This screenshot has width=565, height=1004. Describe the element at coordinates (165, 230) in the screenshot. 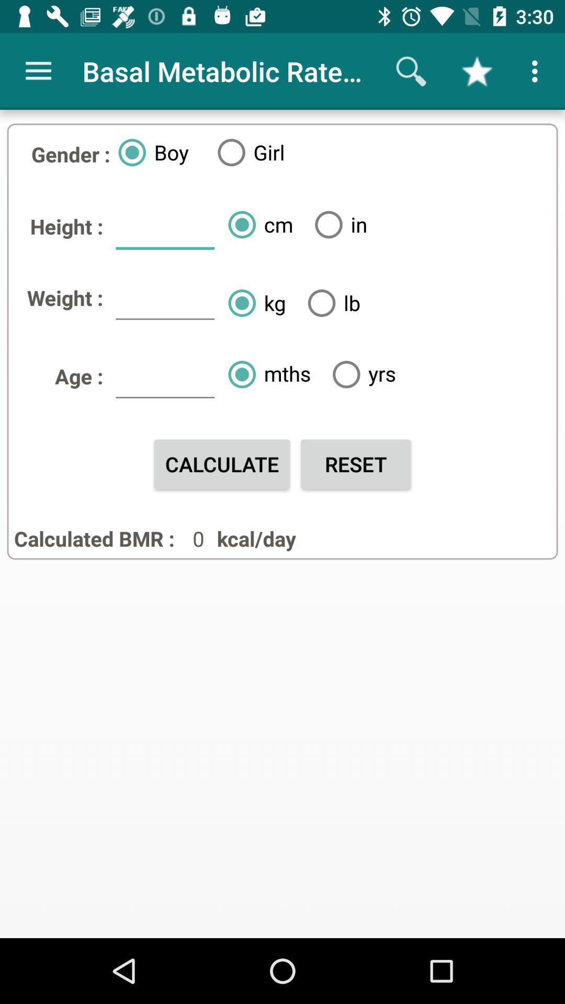

I see `icon above weight : icon` at that location.